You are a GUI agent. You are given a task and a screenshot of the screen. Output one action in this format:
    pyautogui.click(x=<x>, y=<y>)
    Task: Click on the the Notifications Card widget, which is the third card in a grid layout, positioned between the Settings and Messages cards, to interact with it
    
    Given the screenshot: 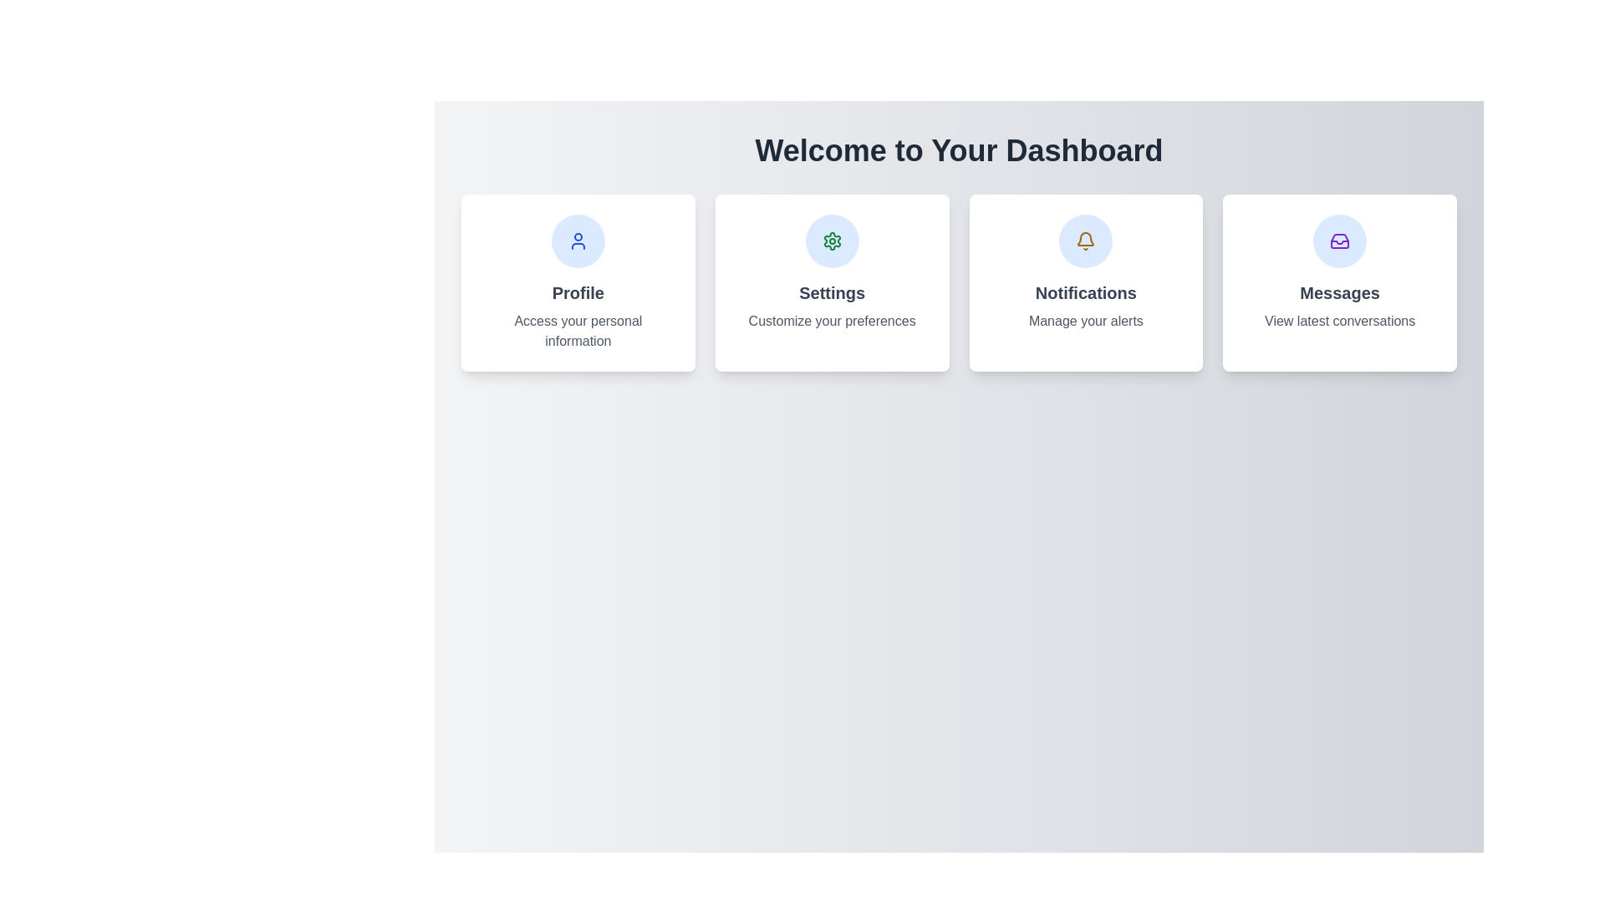 What is the action you would take?
    pyautogui.click(x=1086, y=282)
    